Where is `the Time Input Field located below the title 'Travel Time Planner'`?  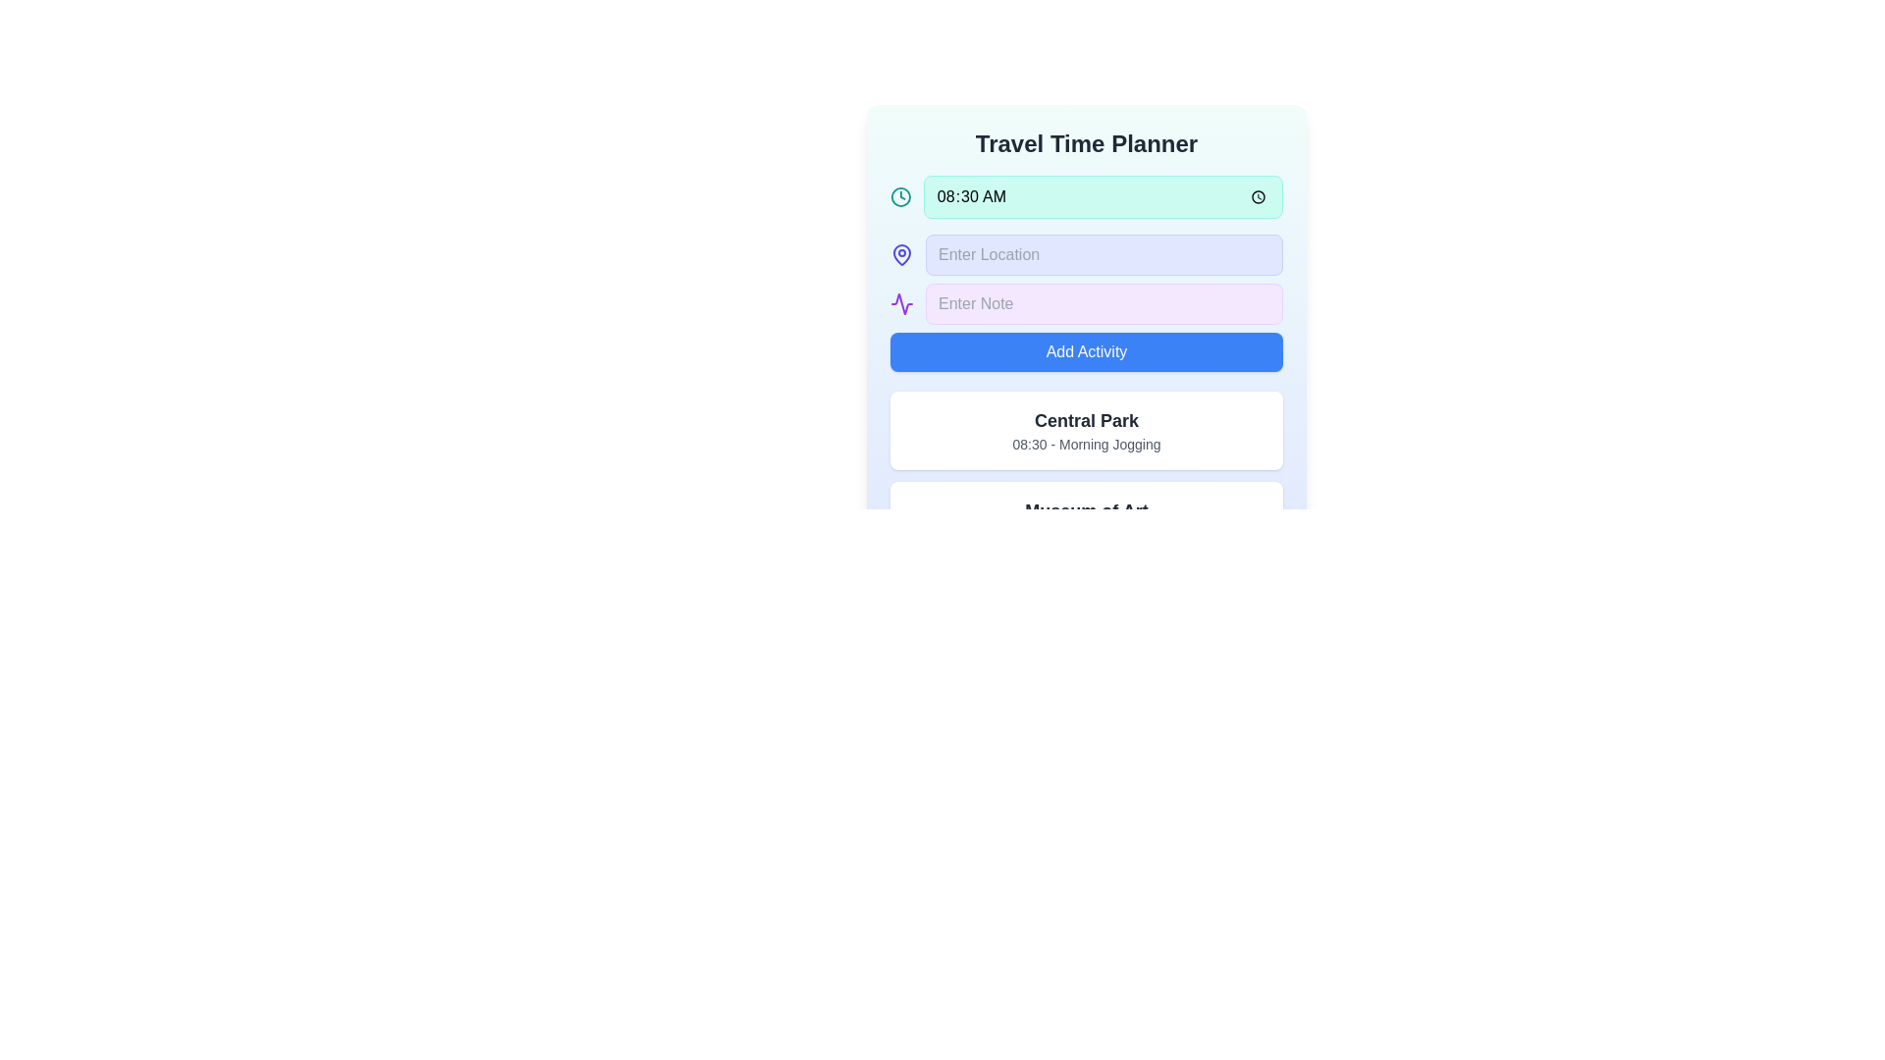 the Time Input Field located below the title 'Travel Time Planner' is located at coordinates (1103, 196).